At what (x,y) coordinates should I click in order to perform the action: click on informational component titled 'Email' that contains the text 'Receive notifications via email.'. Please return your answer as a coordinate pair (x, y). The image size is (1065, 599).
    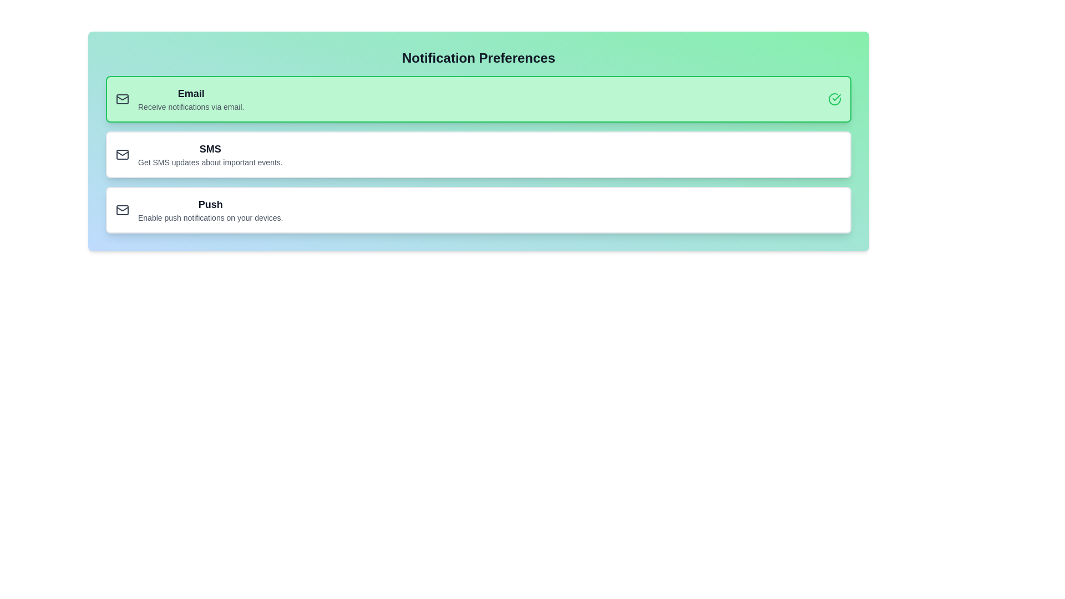
    Looking at the image, I should click on (191, 98).